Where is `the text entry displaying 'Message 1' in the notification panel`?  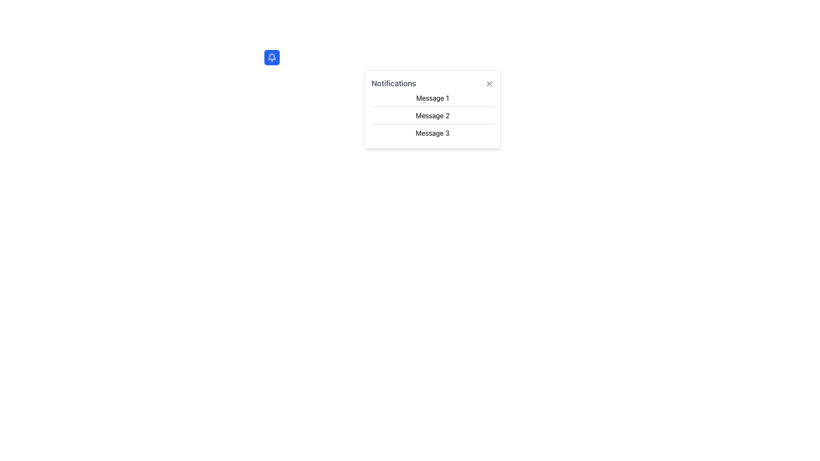
the text entry displaying 'Message 1' in the notification panel is located at coordinates (432, 98).